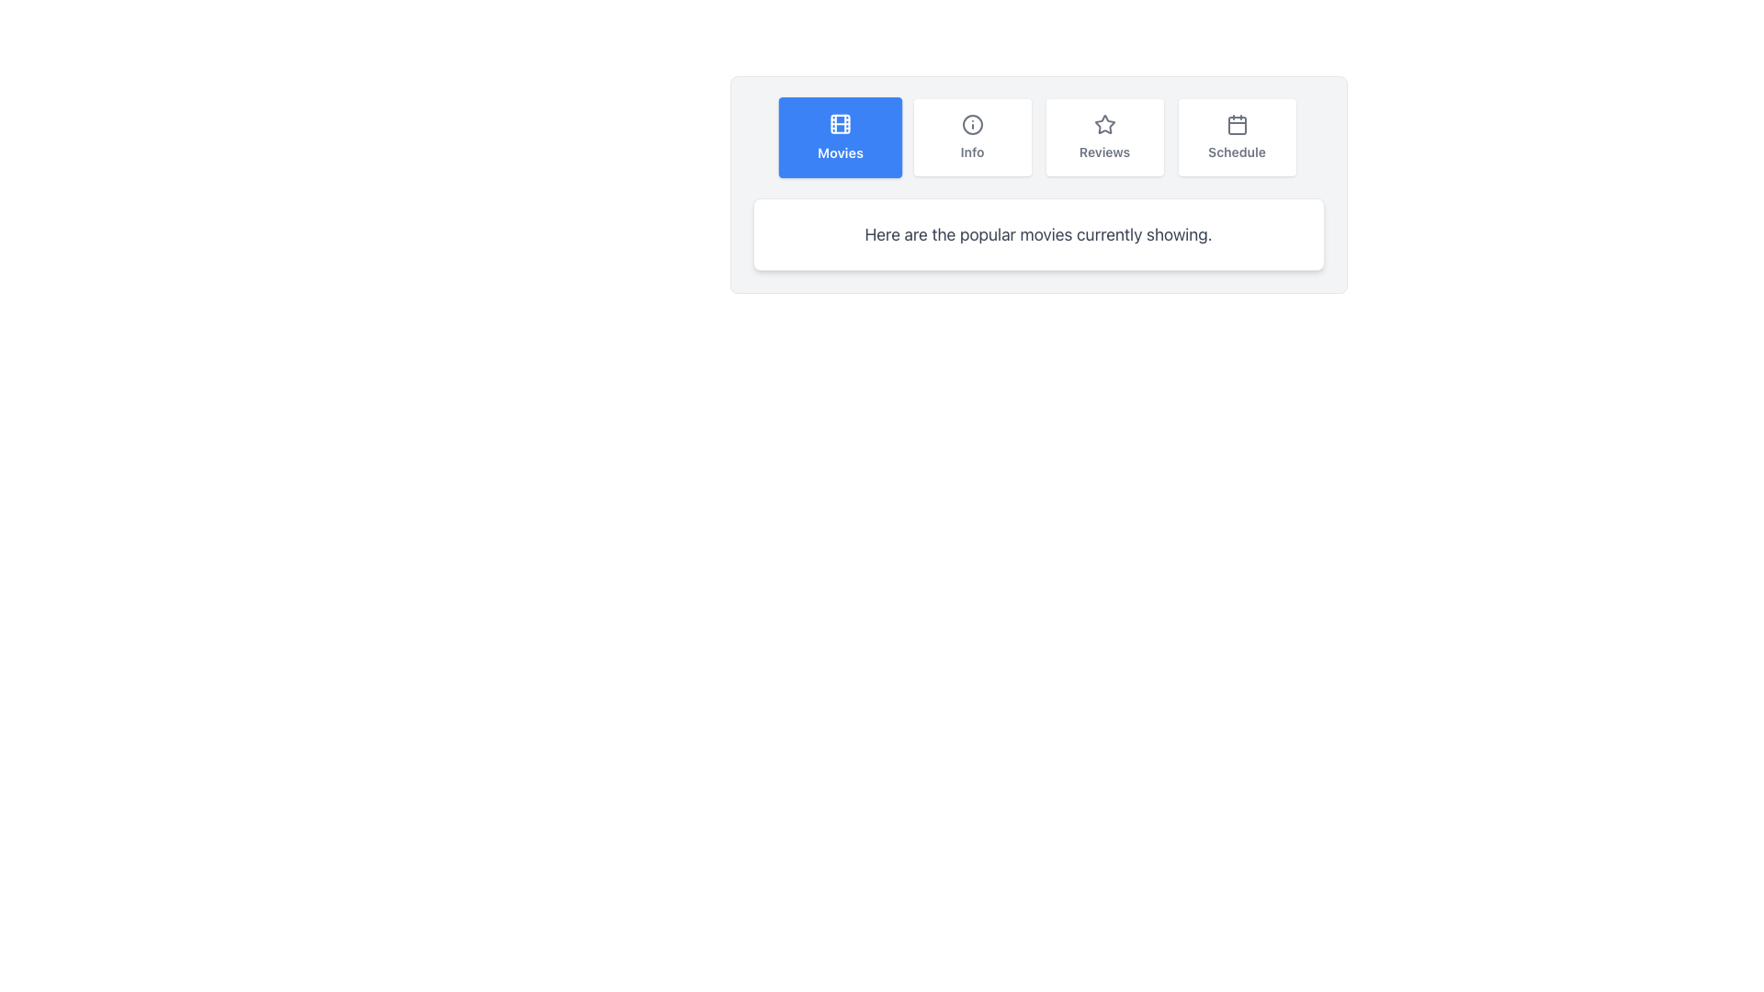 Image resolution: width=1764 pixels, height=992 pixels. I want to click on the Text Display element that shows the message 'Here are the popular movies currently showing.' which is styled with dark gray text on a white background and is located below a row of interactive buttons, so click(1038, 233).